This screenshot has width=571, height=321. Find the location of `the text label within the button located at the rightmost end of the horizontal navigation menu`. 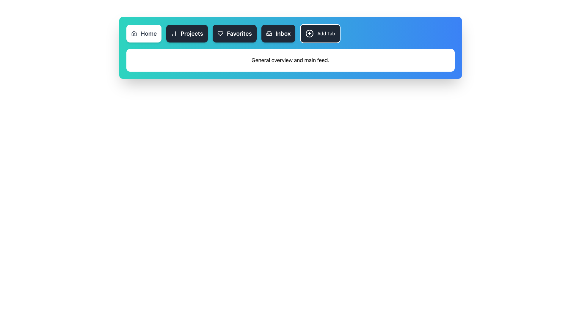

the text label within the button located at the rightmost end of the horizontal navigation menu is located at coordinates (326, 33).